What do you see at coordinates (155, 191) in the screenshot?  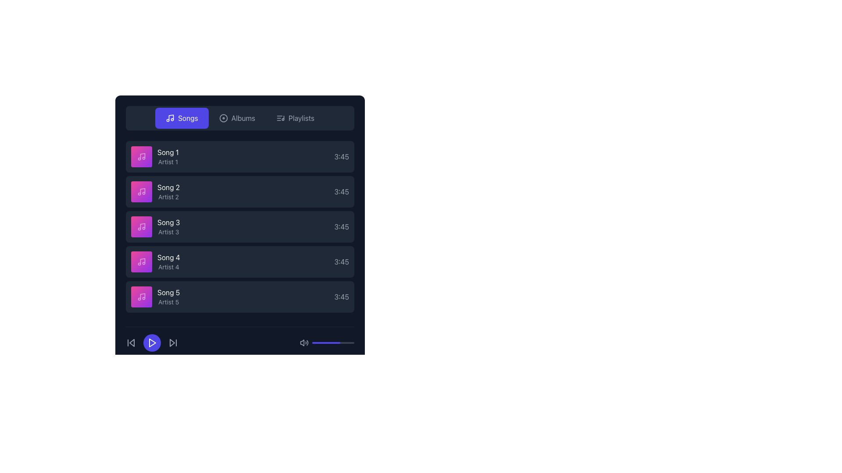 I see `the List item displaying the song title 'Song 2' and artist 'Artist 2'` at bounding box center [155, 191].